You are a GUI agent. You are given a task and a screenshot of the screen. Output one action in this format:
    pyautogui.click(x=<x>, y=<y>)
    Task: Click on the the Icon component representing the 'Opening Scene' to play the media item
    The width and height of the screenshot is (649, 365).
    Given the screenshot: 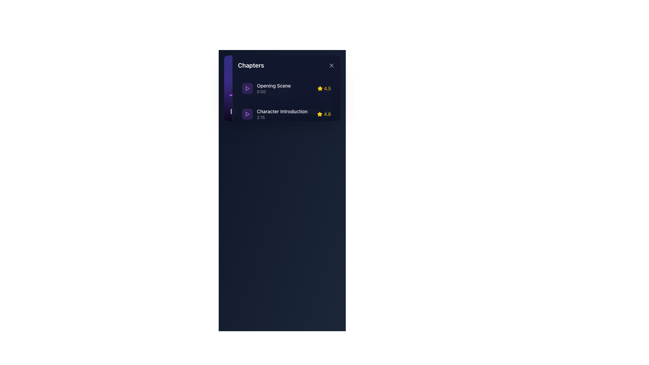 What is the action you would take?
    pyautogui.click(x=247, y=88)
    